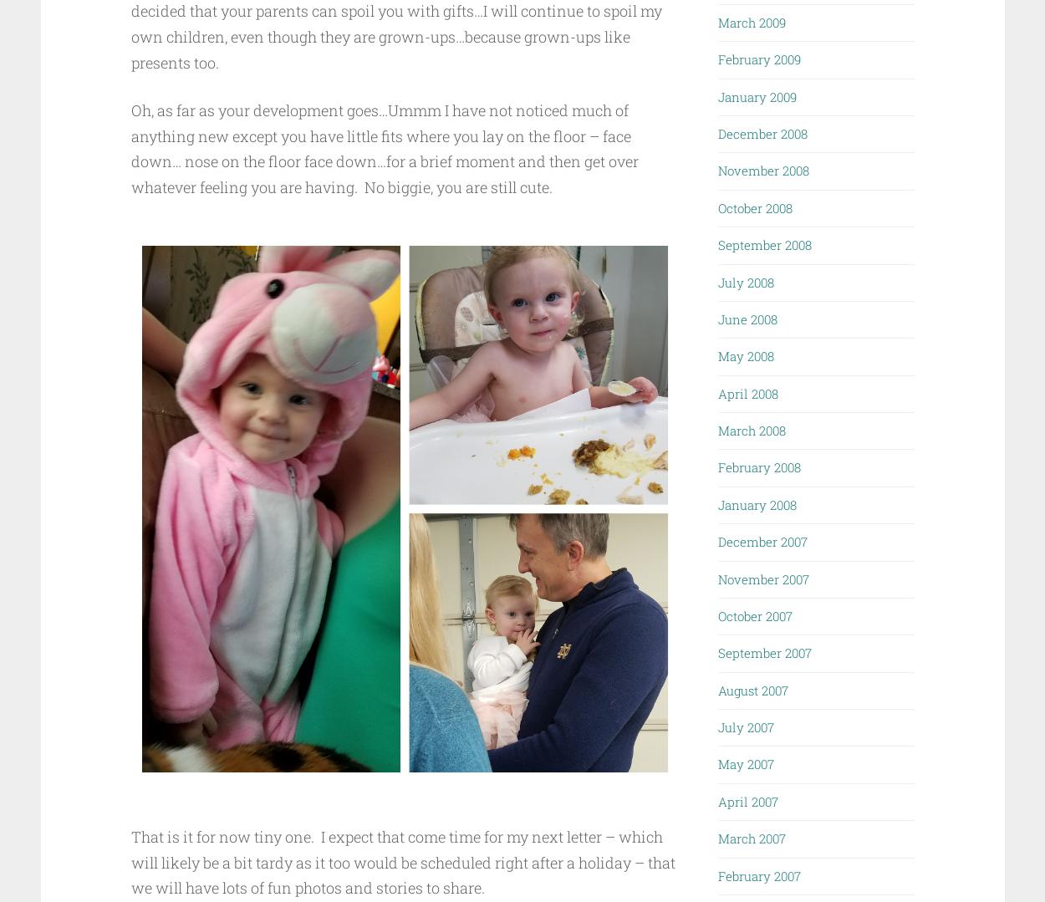  Describe the element at coordinates (753, 689) in the screenshot. I see `'August 2007'` at that location.